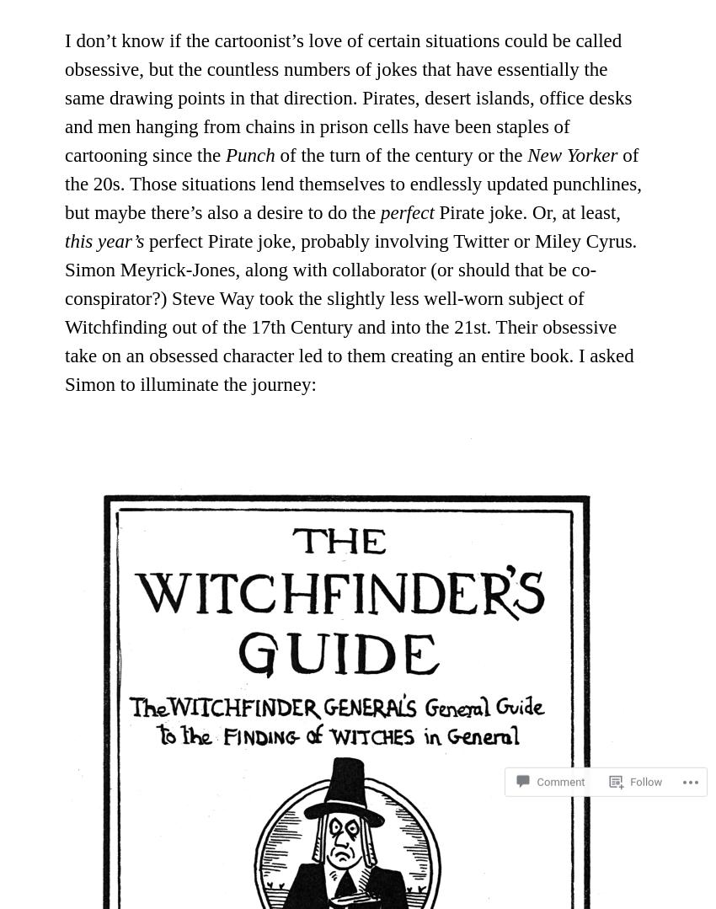  Describe the element at coordinates (645, 751) in the screenshot. I see `'Follow'` at that location.